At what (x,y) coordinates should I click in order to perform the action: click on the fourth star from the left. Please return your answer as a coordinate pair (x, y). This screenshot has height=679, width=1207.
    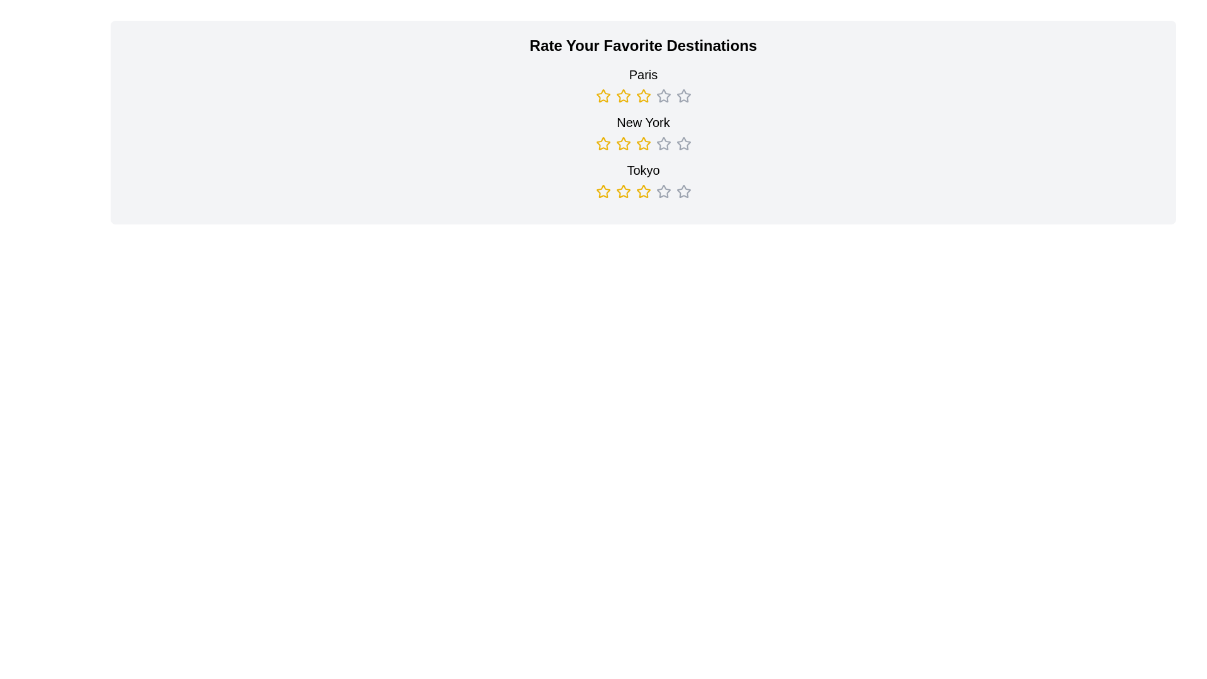
    Looking at the image, I should click on (643, 143).